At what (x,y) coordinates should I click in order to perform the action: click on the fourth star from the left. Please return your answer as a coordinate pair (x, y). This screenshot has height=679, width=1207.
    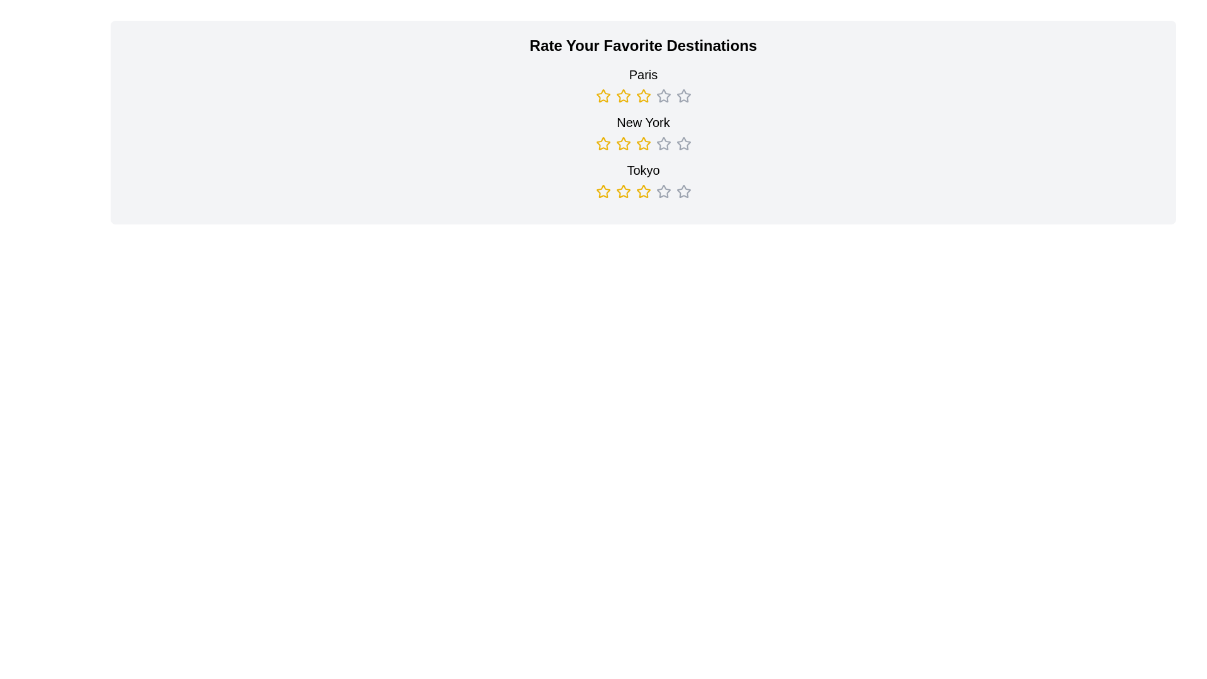
    Looking at the image, I should click on (643, 143).